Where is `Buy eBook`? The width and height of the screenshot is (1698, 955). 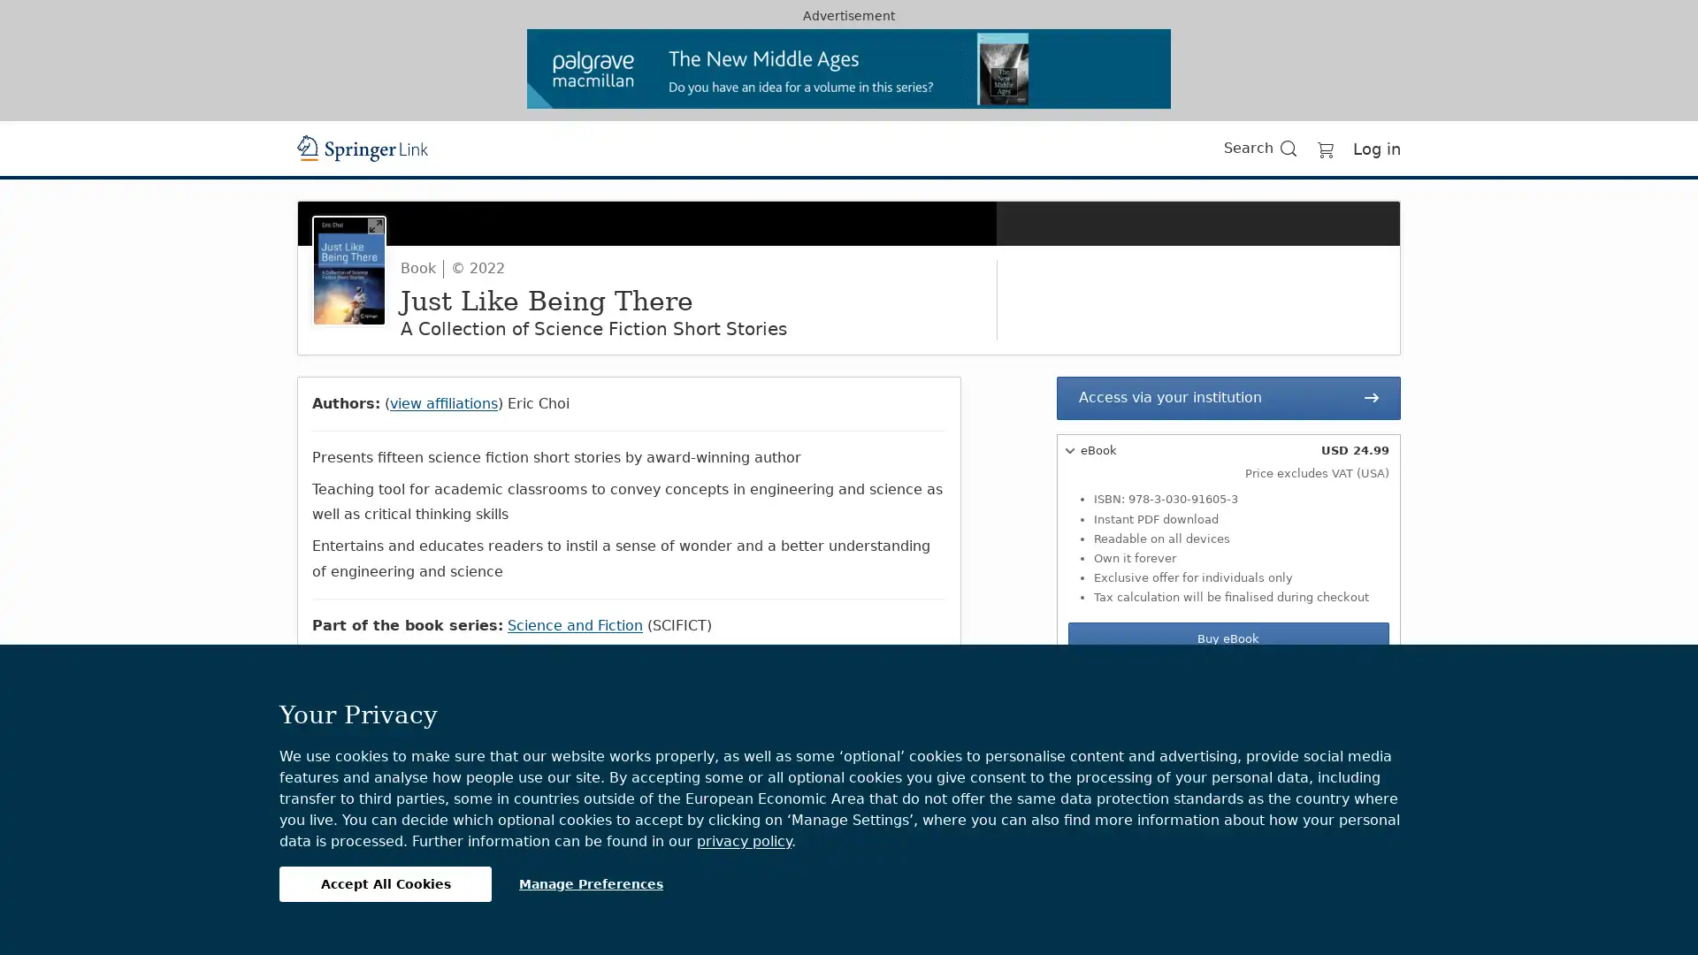 Buy eBook is located at coordinates (1227, 638).